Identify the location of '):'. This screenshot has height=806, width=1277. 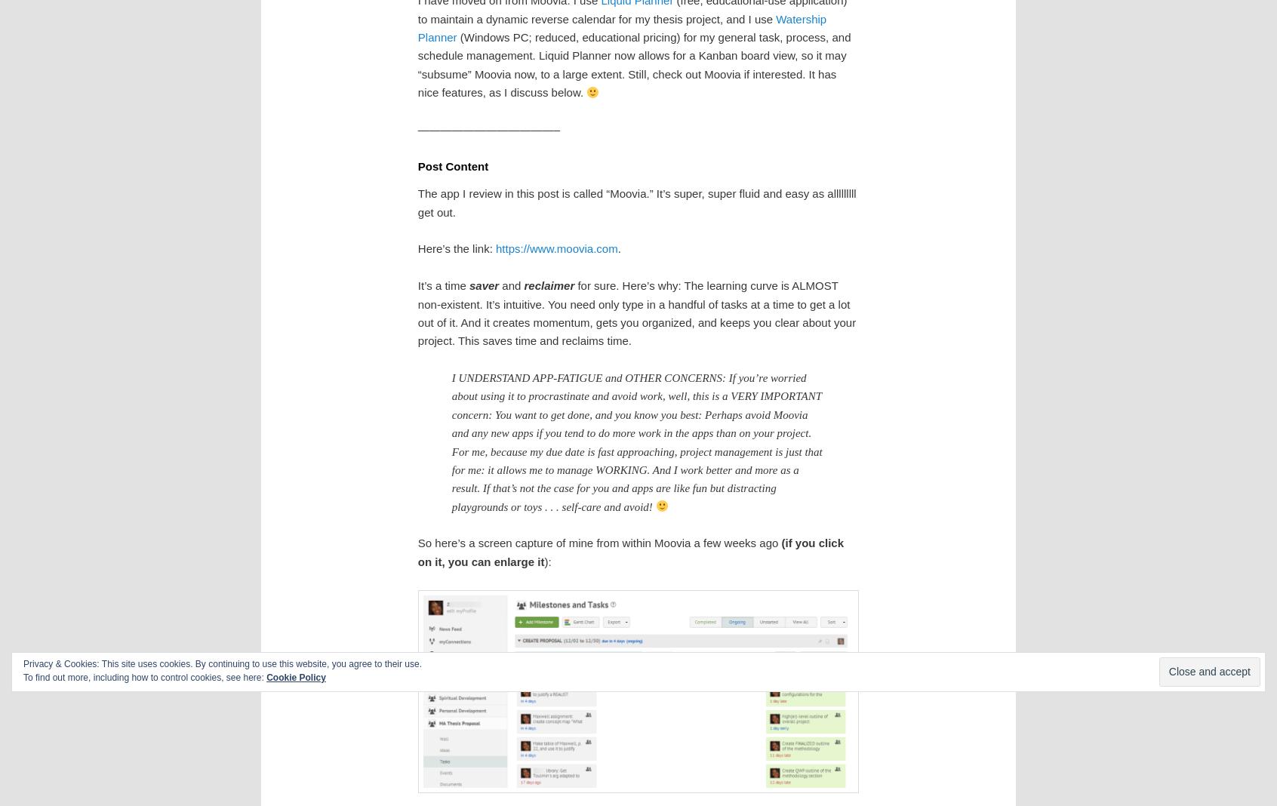
(546, 561).